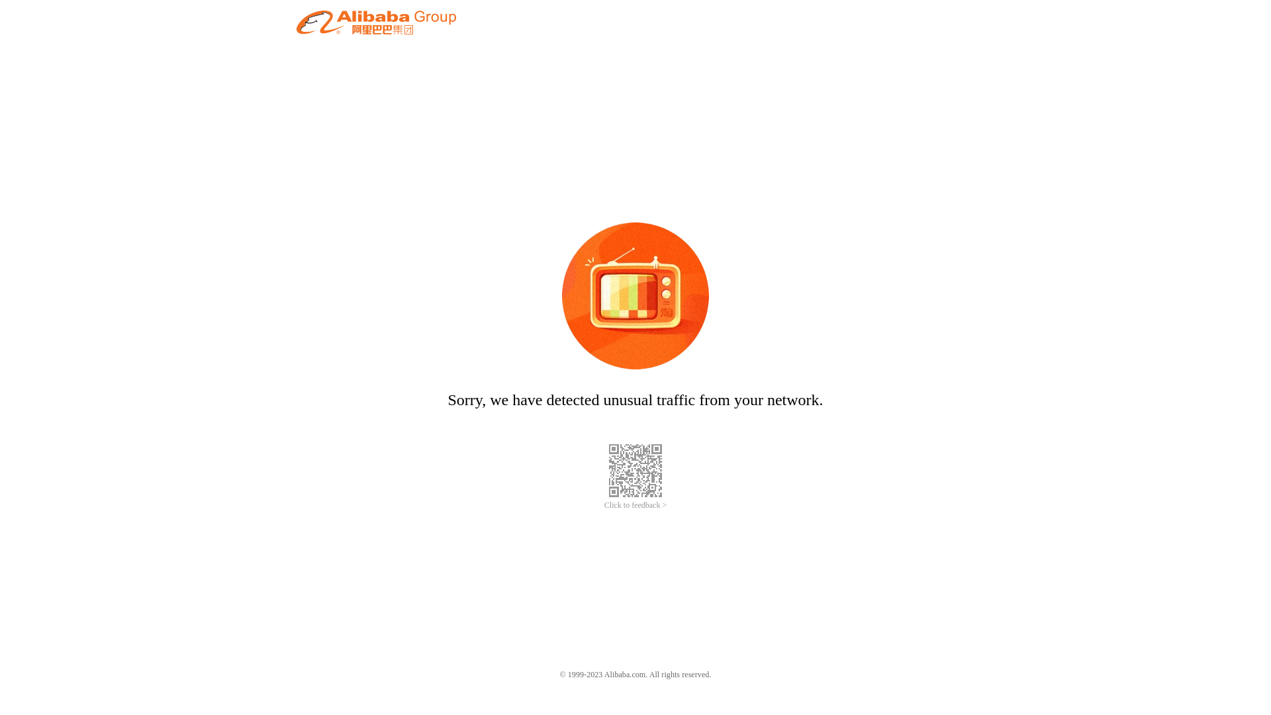  I want to click on 'Click to feedback >', so click(635, 505).